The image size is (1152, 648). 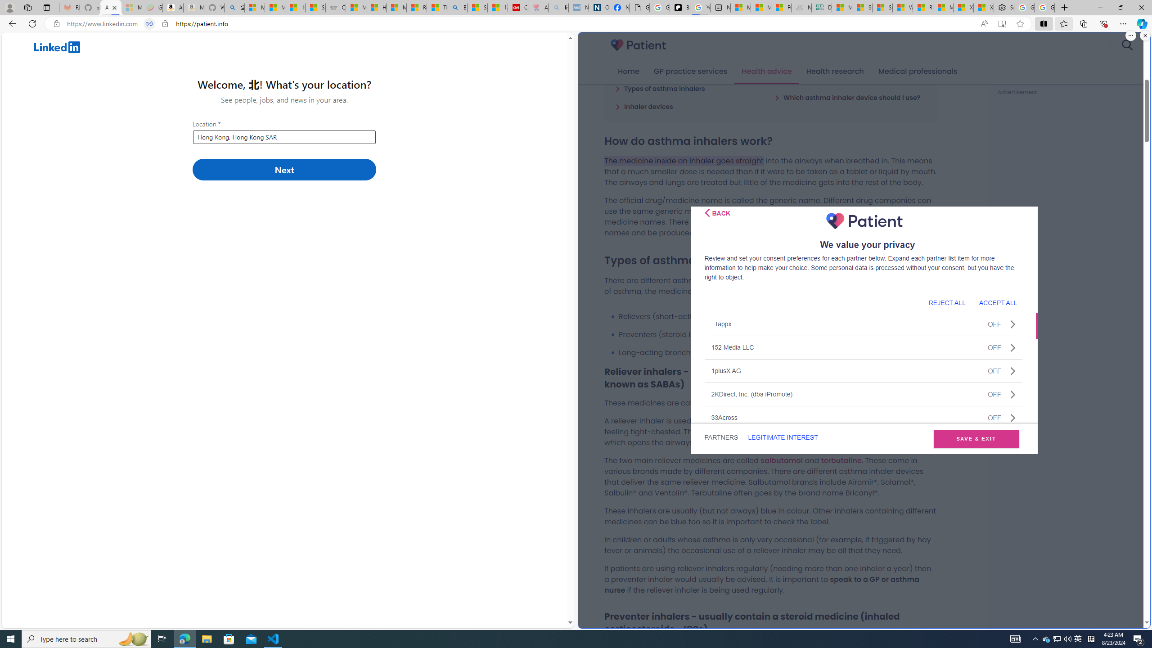 I want to click on 'GP practice services', so click(x=690, y=71).